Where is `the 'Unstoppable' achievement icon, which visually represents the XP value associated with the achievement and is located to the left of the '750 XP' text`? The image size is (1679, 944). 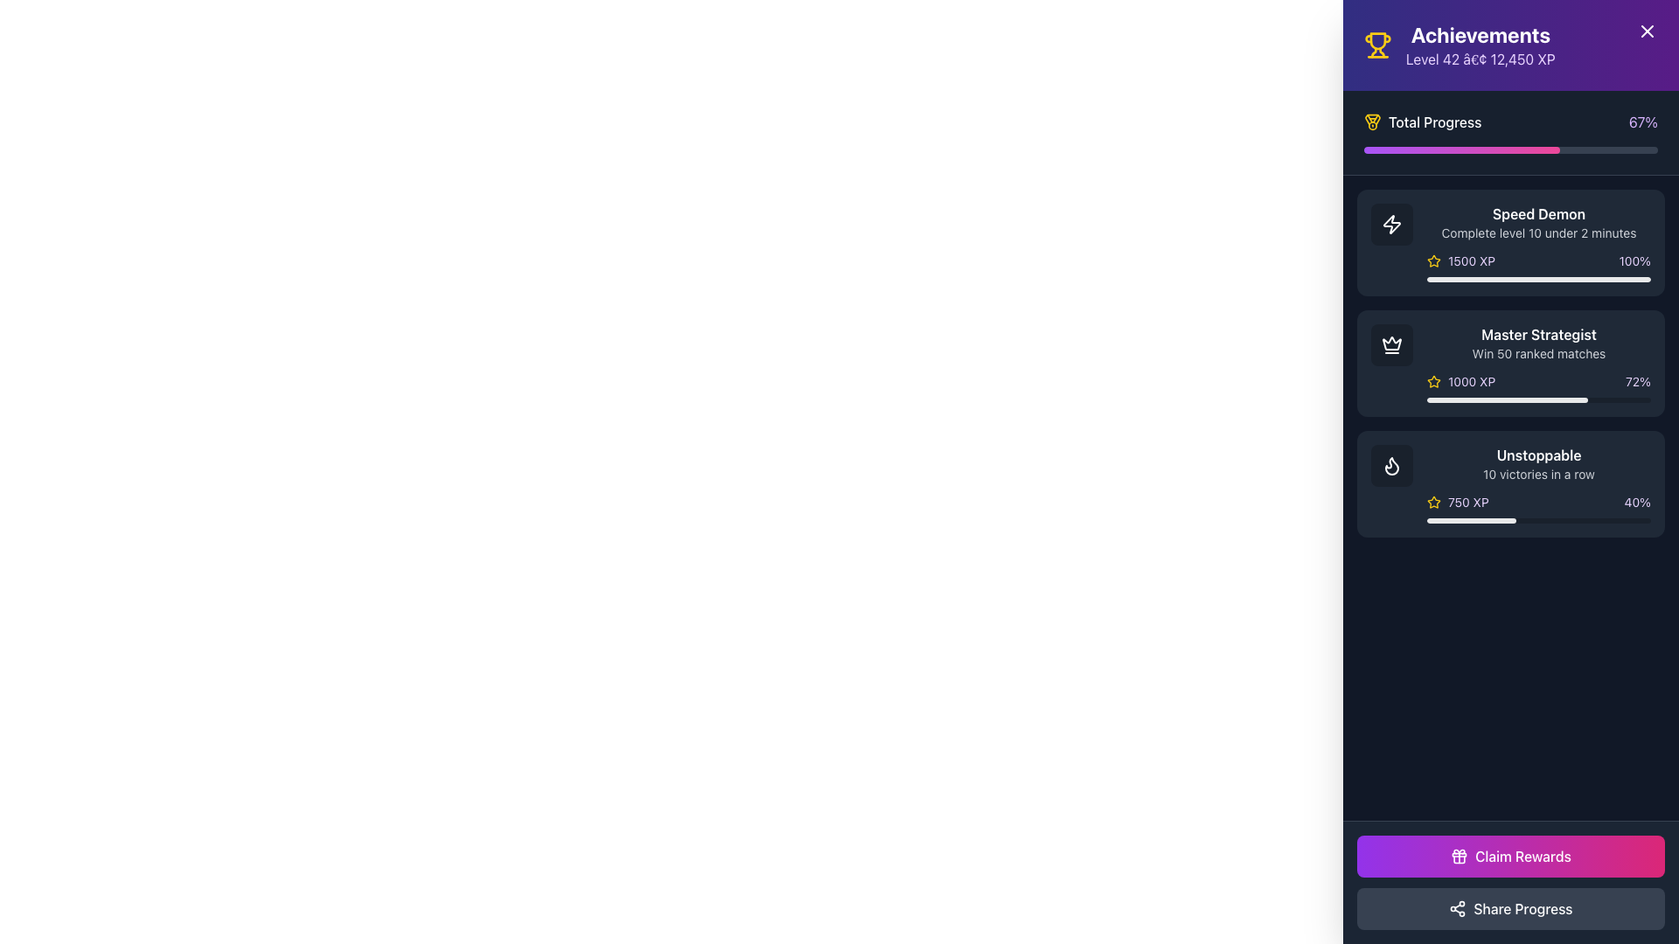
the 'Unstoppable' achievement icon, which visually represents the XP value associated with the achievement and is located to the left of the '750 XP' text is located at coordinates (1434, 502).